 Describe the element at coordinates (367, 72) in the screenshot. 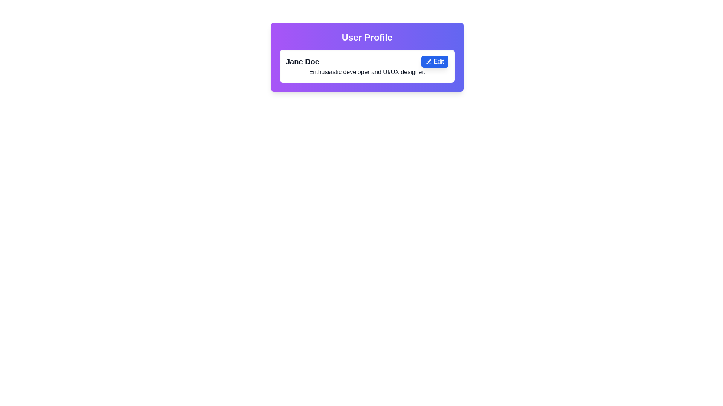

I see `the static text block containing the phrase 'Enthusiastic developer and UI/UX designer.' positioned at the bottom of the user profile card` at that location.